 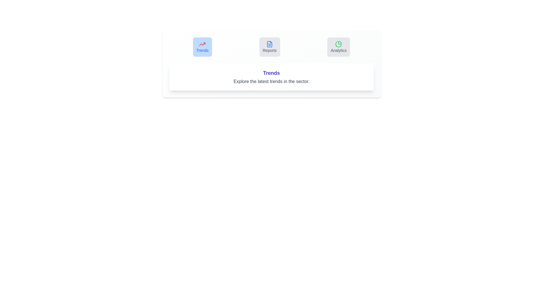 I want to click on the tab labeled Reports and analyze its content, so click(x=269, y=46).